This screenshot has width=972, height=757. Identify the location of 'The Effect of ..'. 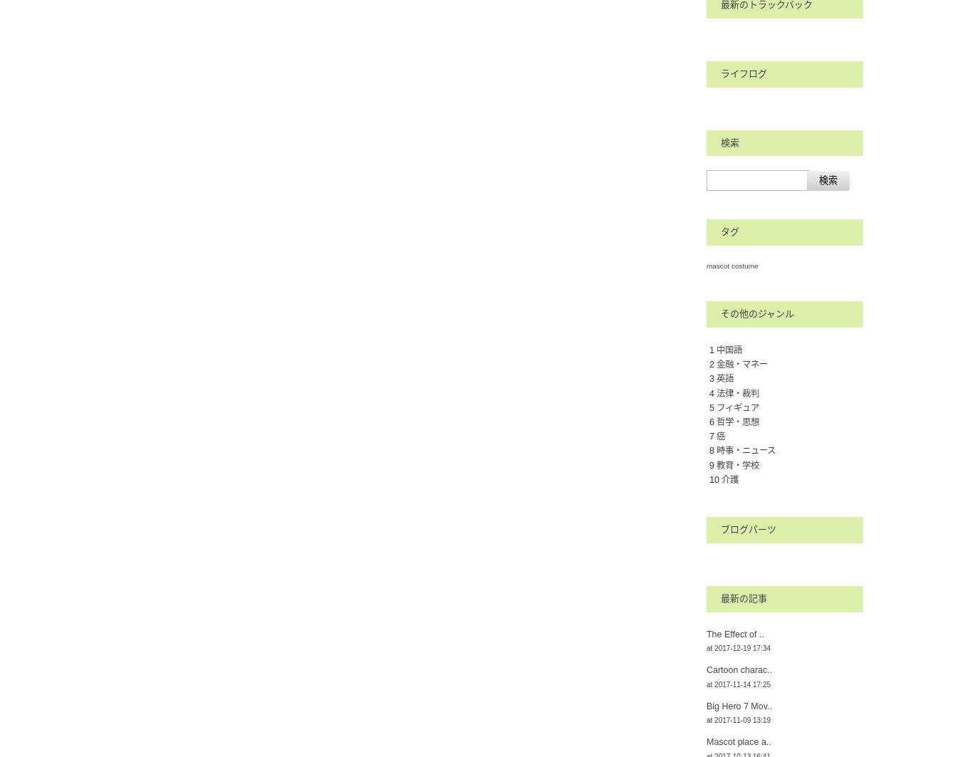
(734, 633).